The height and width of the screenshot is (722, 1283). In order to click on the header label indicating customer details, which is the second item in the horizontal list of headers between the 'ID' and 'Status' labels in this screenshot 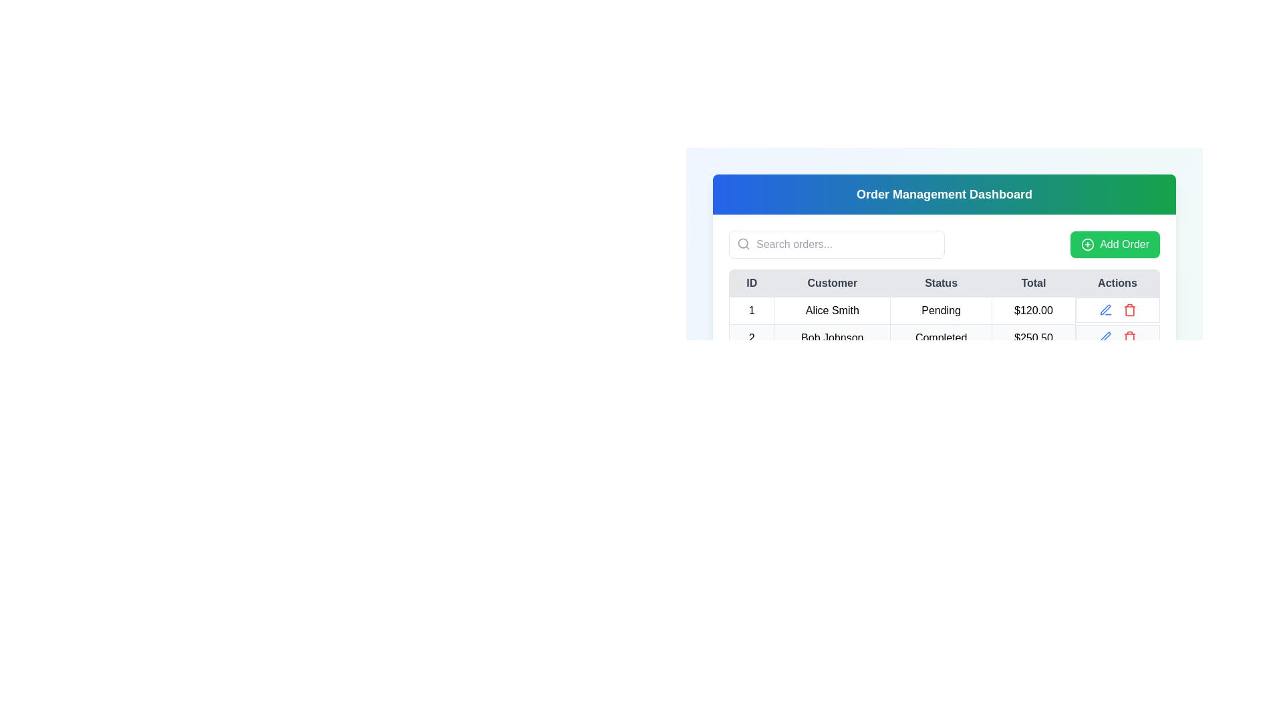, I will do `click(831, 283)`.